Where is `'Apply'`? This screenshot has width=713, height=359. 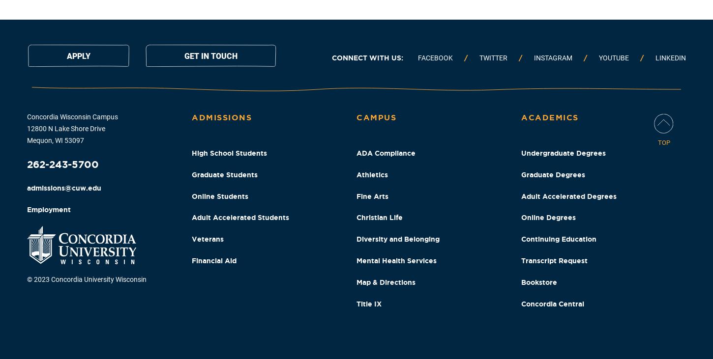
'Apply' is located at coordinates (78, 55).